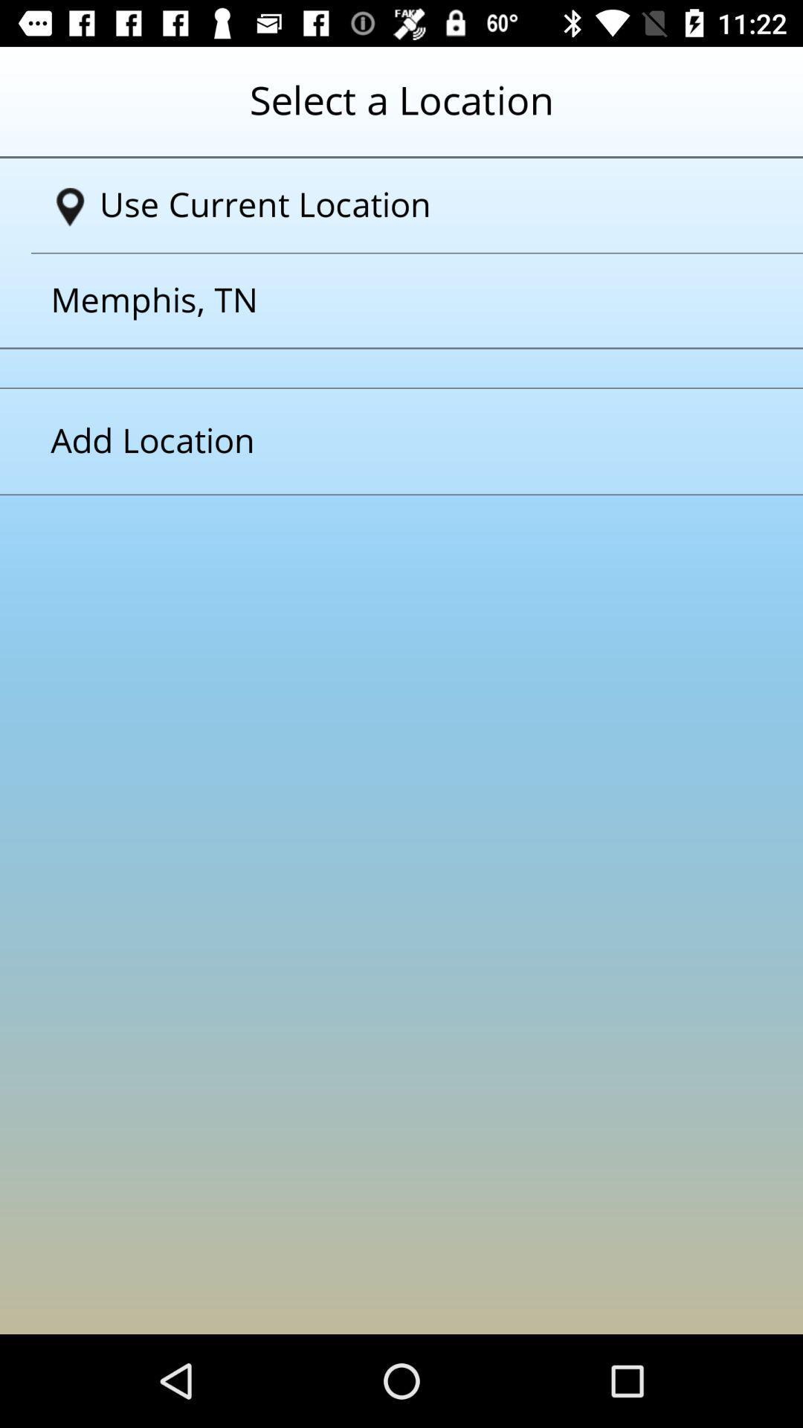  Describe the element at coordinates (407, 205) in the screenshot. I see `the text which is to the immediate right of navigation symbol` at that location.